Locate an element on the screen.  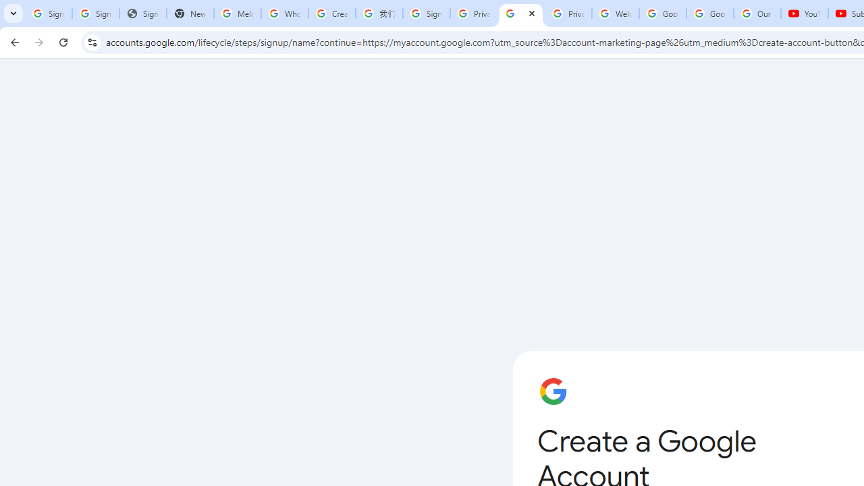
'Sign in - Google Accounts' is located at coordinates (425, 13).